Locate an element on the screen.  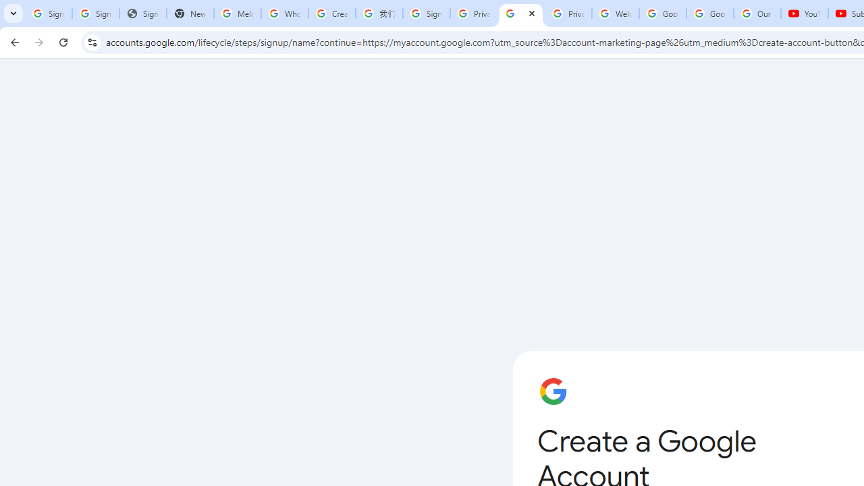
'Sign in - Google Accounts' is located at coordinates (425, 13).